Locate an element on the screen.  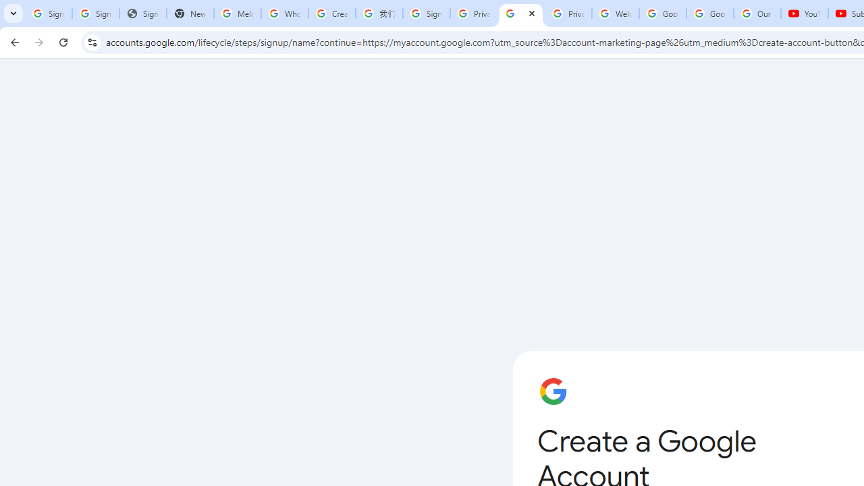
'Sign in - Google Accounts' is located at coordinates (425, 13).